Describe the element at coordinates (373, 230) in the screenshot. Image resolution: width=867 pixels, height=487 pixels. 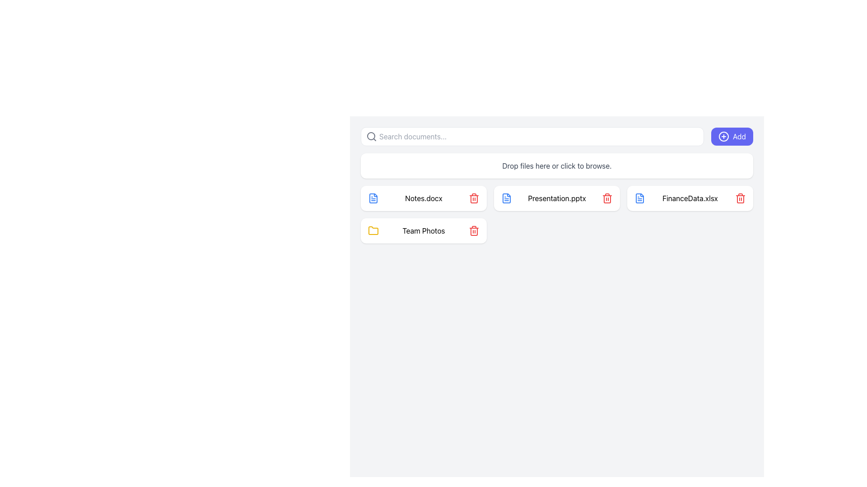
I see `the 'Team Photos' folder icon, which is located in the top-left corner of the section containing this item and is the leftmost of three main elements` at that location.